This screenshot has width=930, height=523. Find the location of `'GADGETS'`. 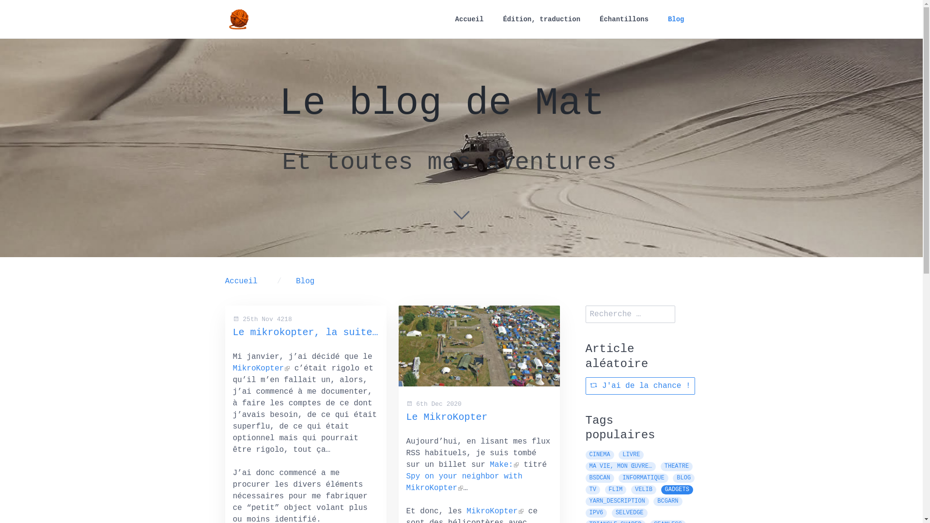

'GADGETS' is located at coordinates (676, 490).